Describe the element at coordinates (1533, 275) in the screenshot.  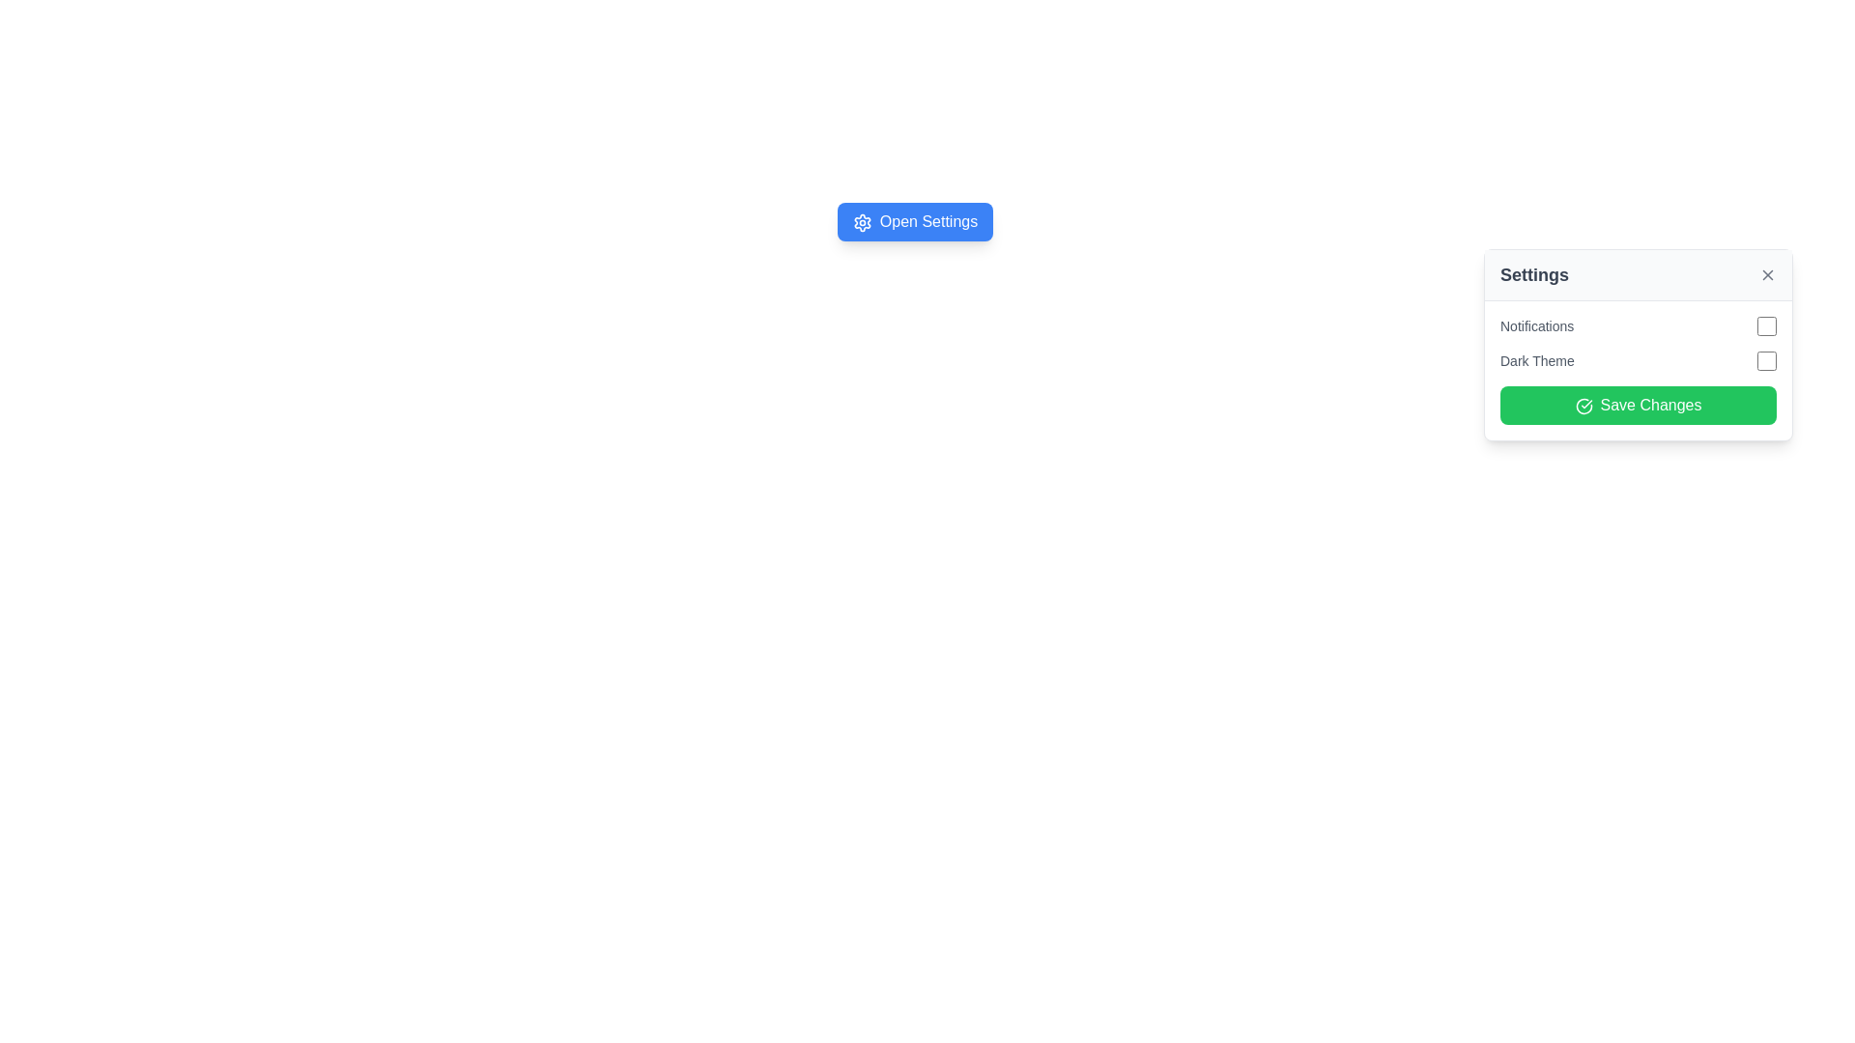
I see `the Text Label that acts as a title for the user settings popup, located at the top-left of the popup interface` at that location.